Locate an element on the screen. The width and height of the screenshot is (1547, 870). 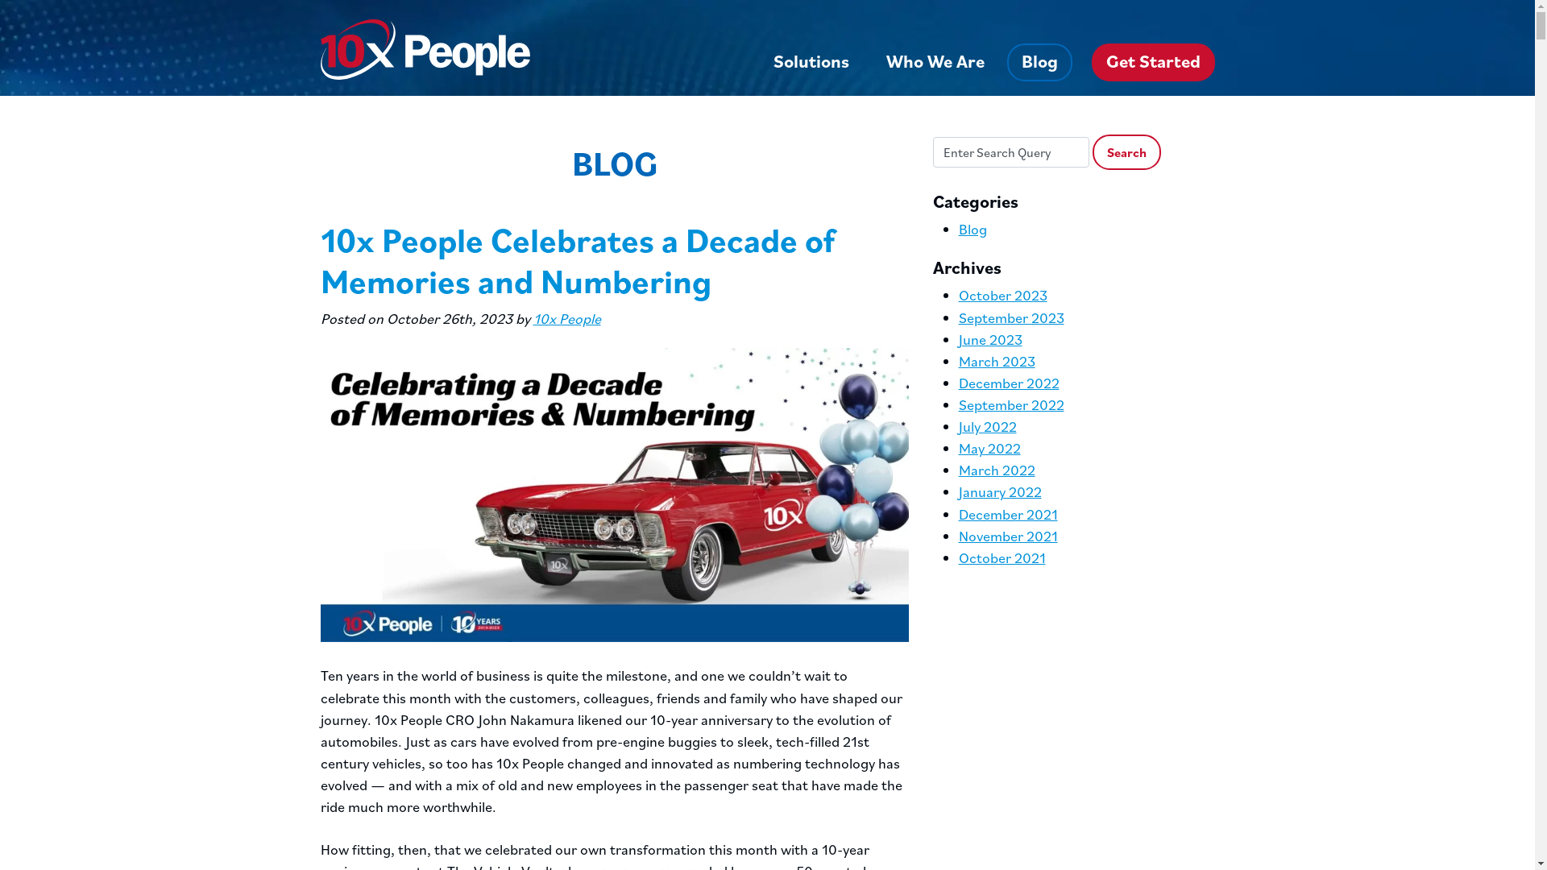
'July 2022' is located at coordinates (986, 425).